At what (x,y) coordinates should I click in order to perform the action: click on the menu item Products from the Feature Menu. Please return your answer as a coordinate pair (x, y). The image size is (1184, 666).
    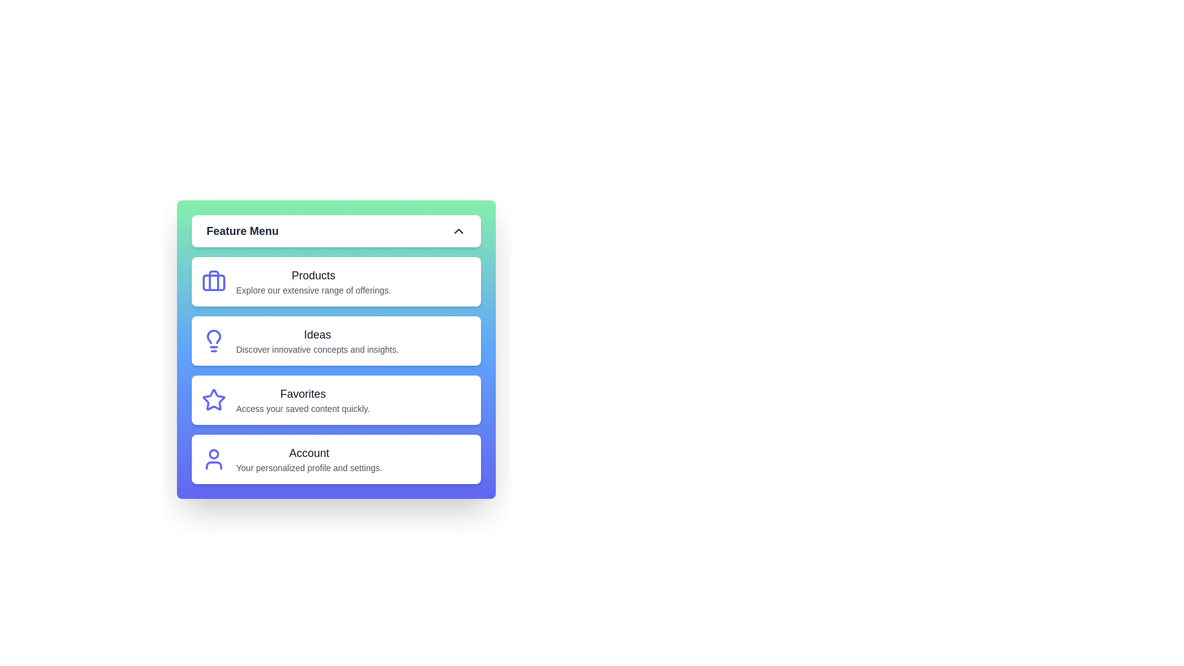
    Looking at the image, I should click on (336, 281).